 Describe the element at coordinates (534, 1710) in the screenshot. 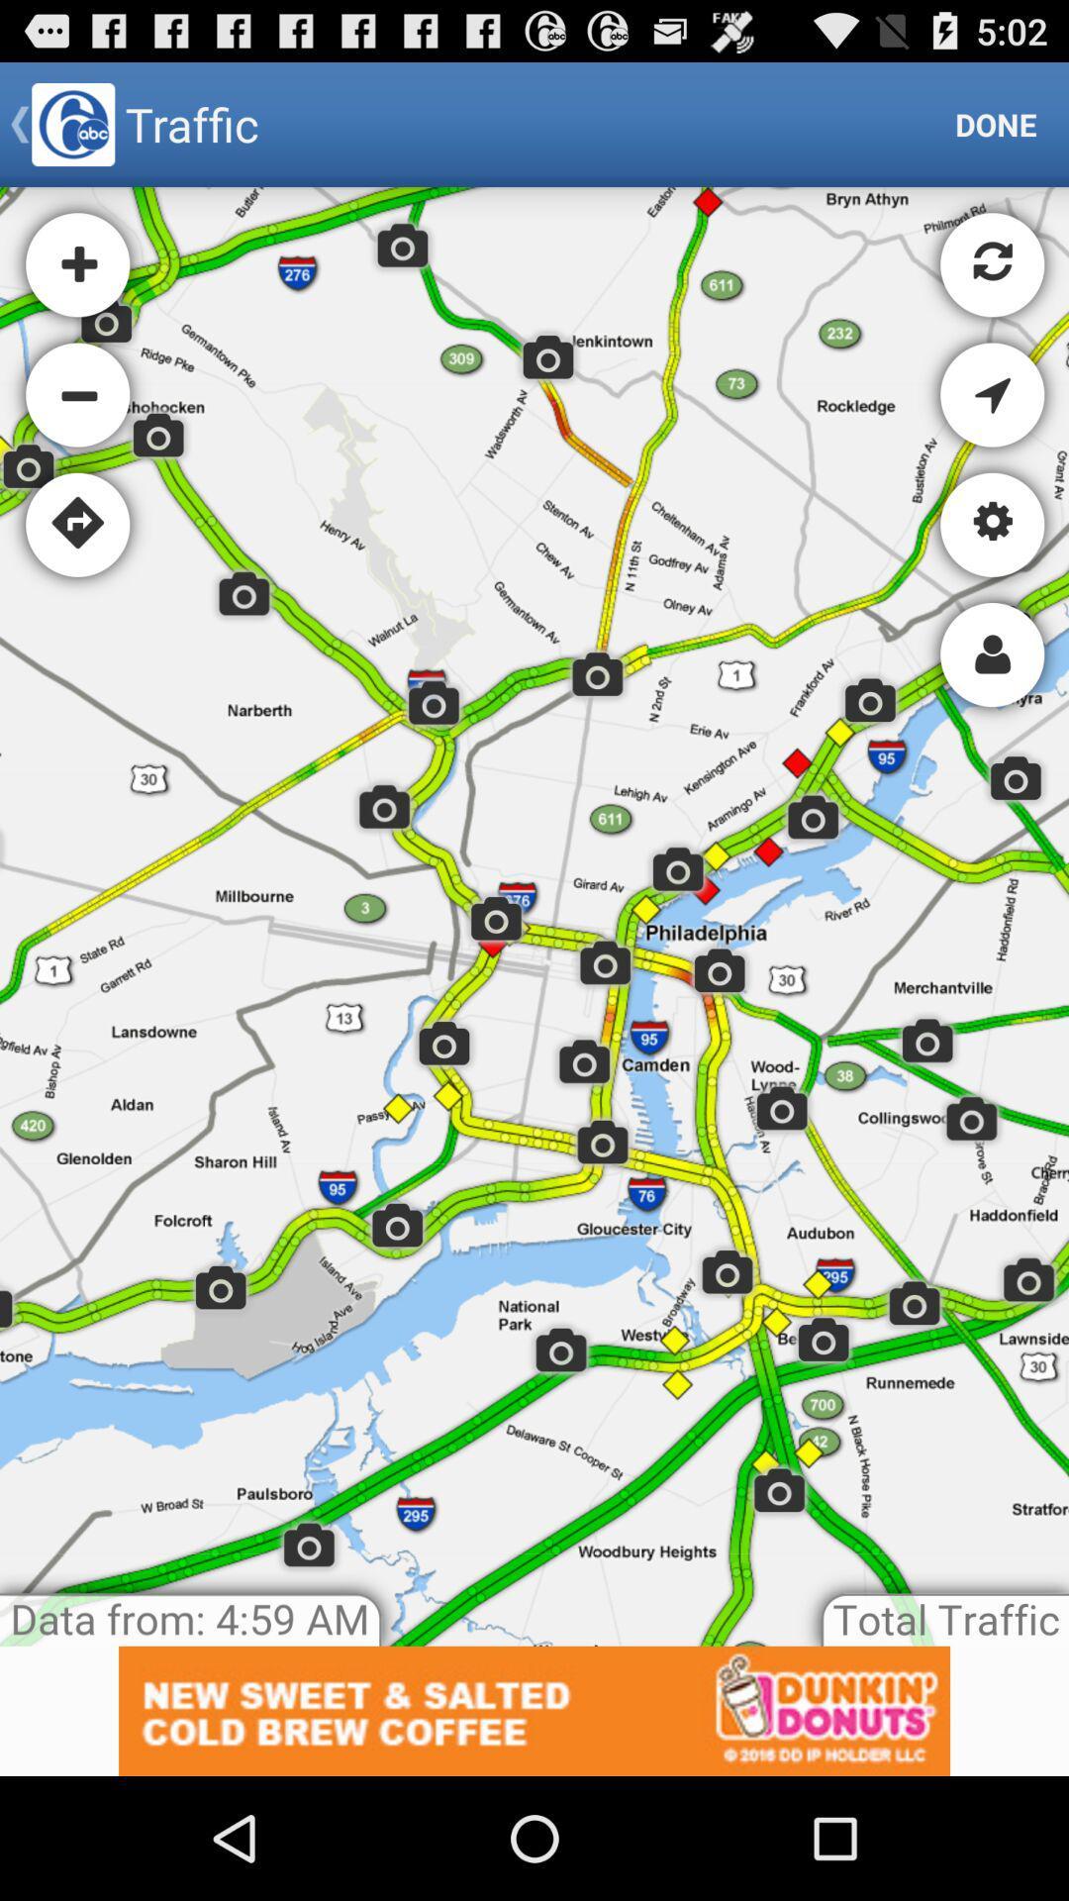

I see `advertisement page` at that location.